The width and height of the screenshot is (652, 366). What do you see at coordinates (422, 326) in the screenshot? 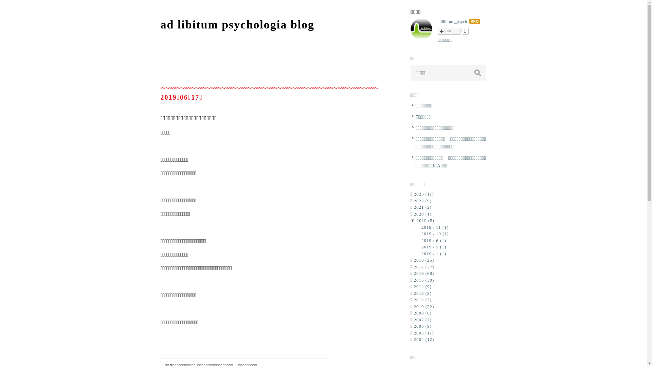
I see `'2006 (9)'` at bounding box center [422, 326].